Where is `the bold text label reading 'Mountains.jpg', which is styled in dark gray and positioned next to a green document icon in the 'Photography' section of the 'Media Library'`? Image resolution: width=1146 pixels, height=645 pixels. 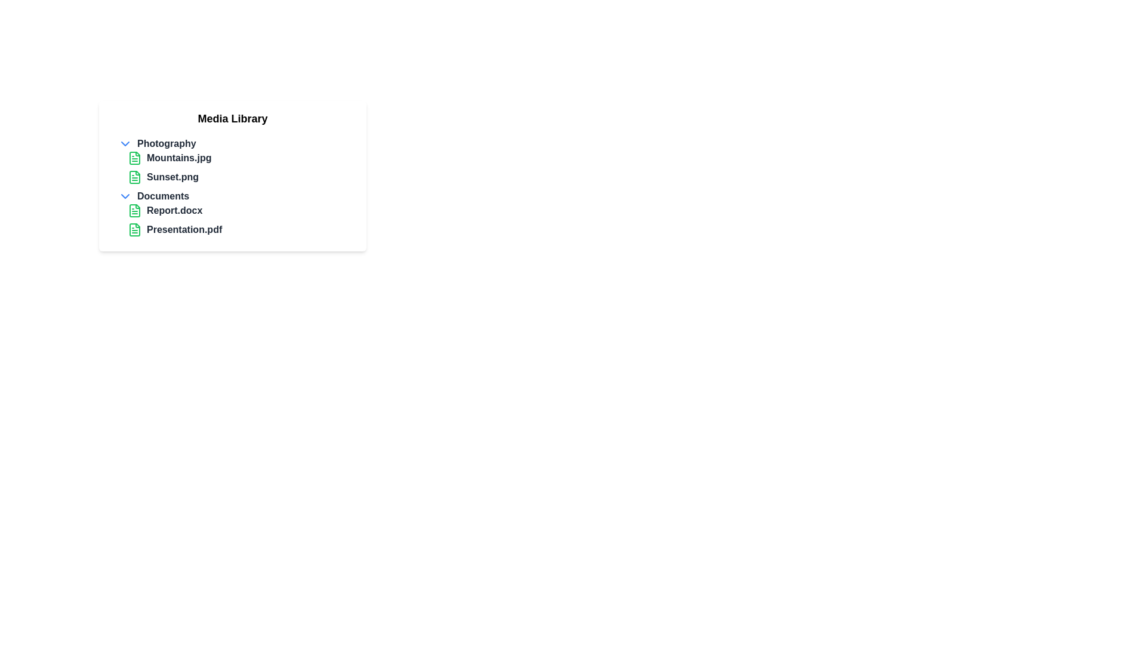
the bold text label reading 'Mountains.jpg', which is styled in dark gray and positioned next to a green document icon in the 'Photography' section of the 'Media Library' is located at coordinates (178, 158).